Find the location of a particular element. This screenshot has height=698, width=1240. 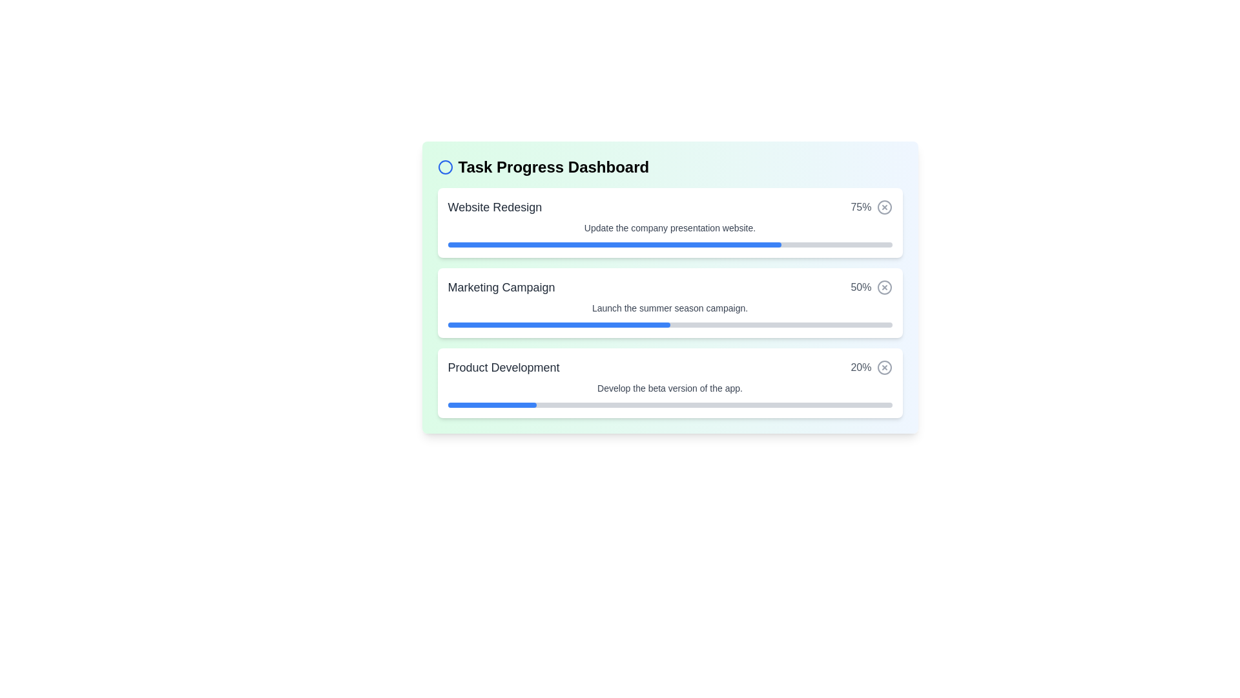

the blue fill portion of the second progress bar labeled 'Marketing Campaign', which visually indicates that the task is 50% complete is located at coordinates (559, 324).